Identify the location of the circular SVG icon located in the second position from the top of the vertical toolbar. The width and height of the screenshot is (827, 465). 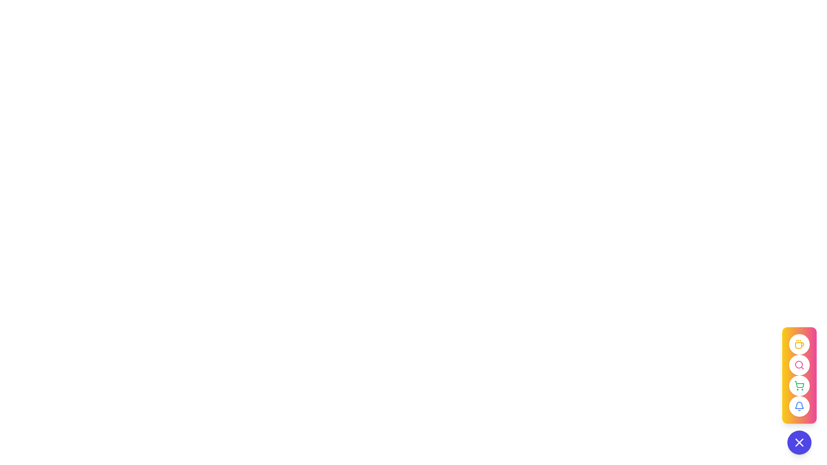
(798, 365).